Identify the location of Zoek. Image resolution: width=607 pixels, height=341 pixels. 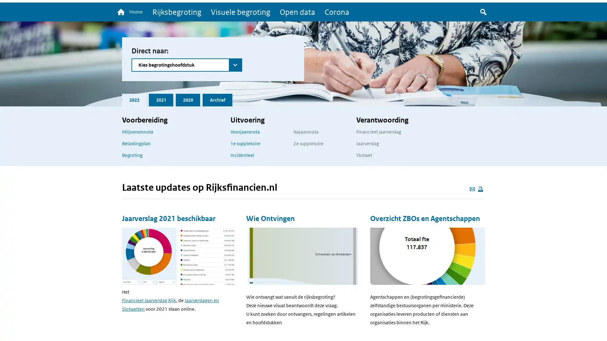
(138, 75).